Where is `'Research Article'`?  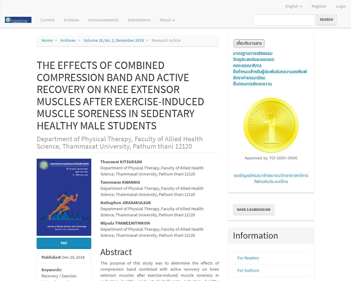
'Research Article' is located at coordinates (166, 40).